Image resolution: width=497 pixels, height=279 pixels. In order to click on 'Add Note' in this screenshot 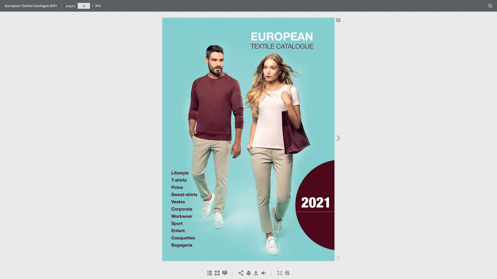, I will do `click(338, 21)`.